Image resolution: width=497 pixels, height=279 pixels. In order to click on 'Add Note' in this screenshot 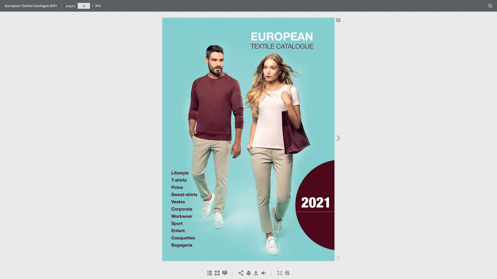, I will do `click(338, 21)`.